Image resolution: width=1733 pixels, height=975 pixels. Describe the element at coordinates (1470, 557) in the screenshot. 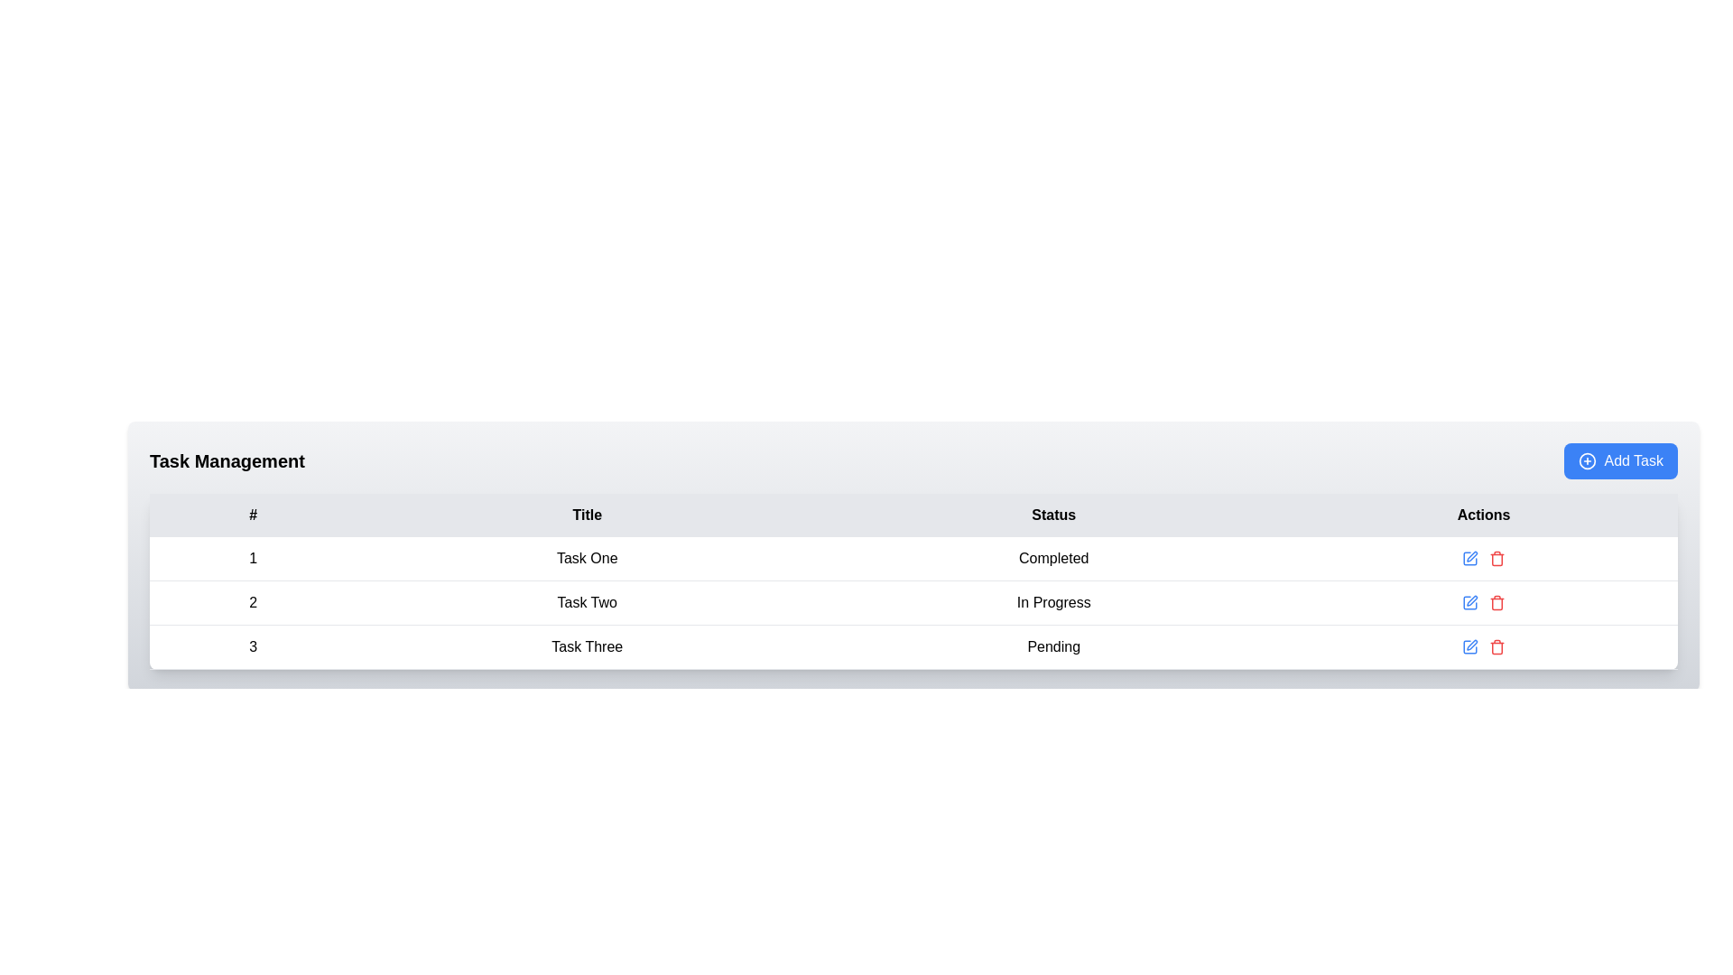

I see `the edit button located in the Actions column of the first row of the task management table to initiate editing` at that location.